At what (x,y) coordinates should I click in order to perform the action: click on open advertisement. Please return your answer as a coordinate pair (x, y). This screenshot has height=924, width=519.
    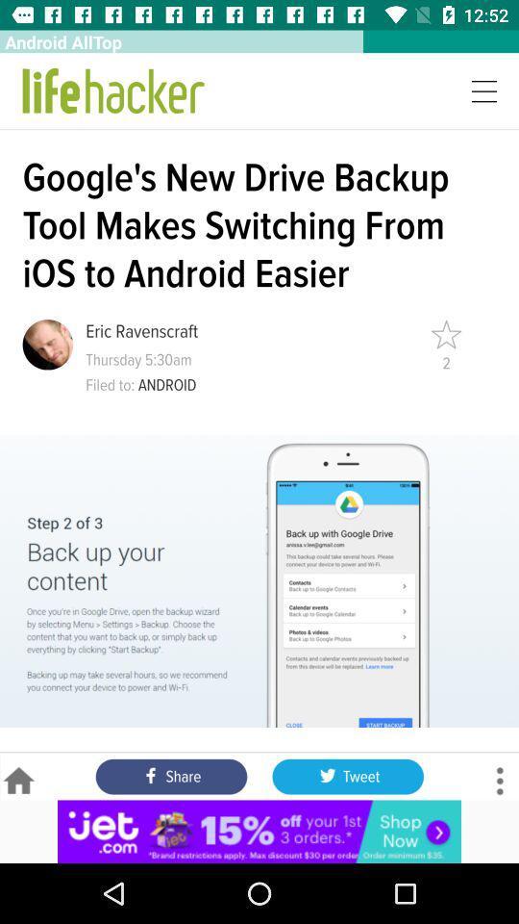
    Looking at the image, I should click on (259, 831).